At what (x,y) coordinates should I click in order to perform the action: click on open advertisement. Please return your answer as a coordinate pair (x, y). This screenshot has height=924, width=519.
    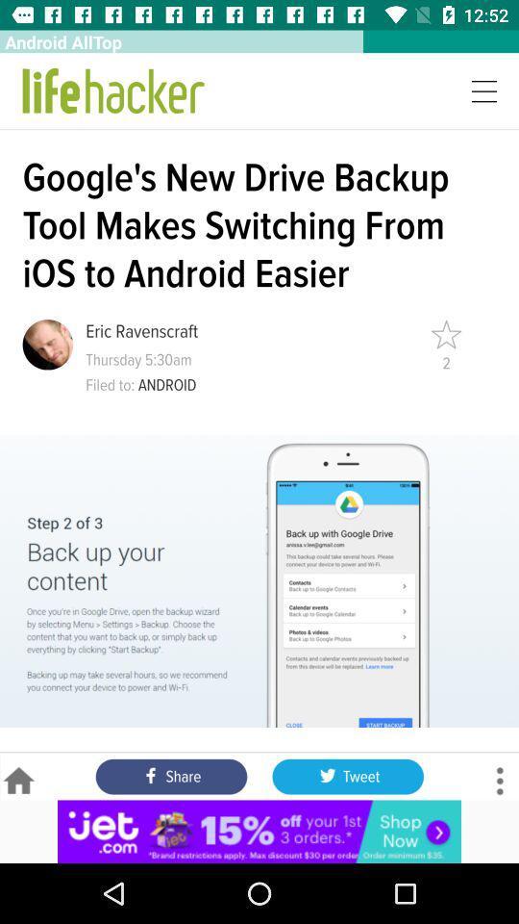
    Looking at the image, I should click on (259, 831).